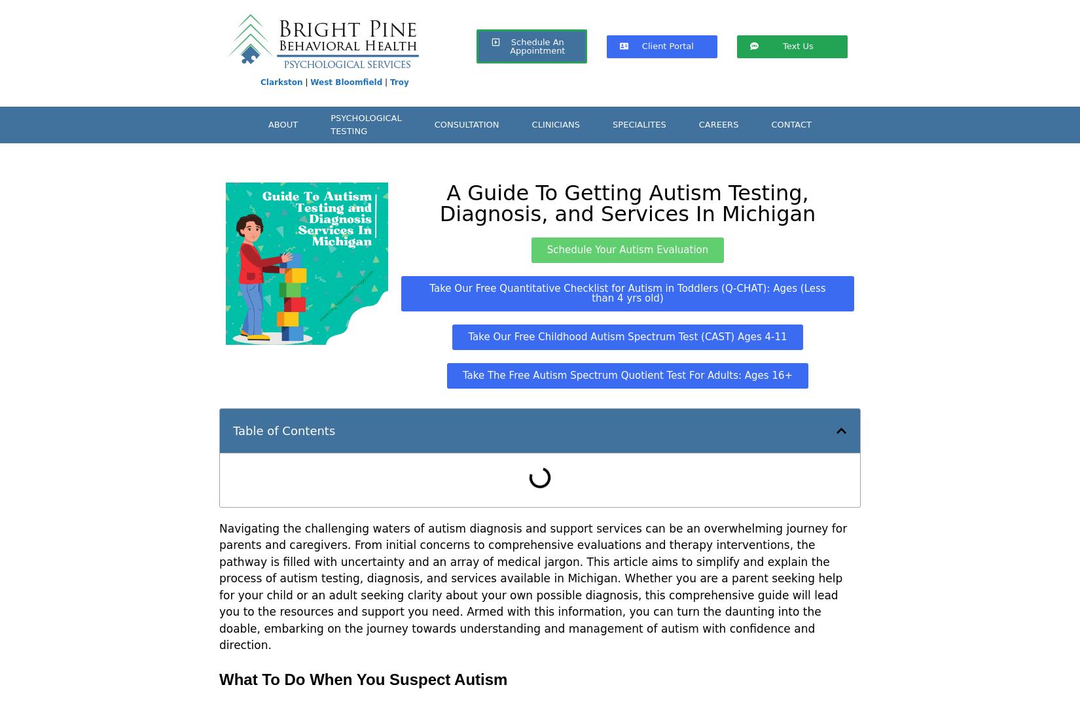 This screenshot has height=704, width=1080. Describe the element at coordinates (465, 124) in the screenshot. I see `'CONSULTATION'` at that location.